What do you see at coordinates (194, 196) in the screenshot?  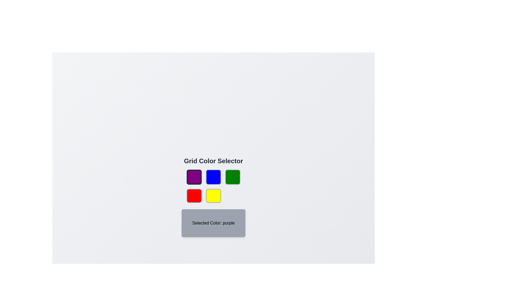 I see `the color button corresponding to red` at bounding box center [194, 196].